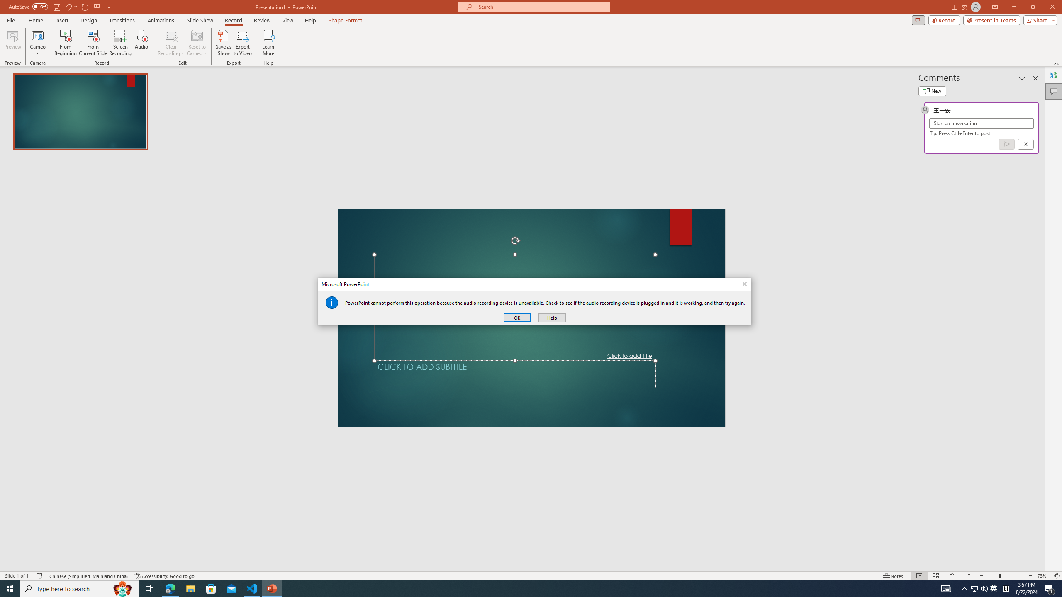 The width and height of the screenshot is (1062, 597). What do you see at coordinates (39, 576) in the screenshot?
I see `'Spell Check No Errors'` at bounding box center [39, 576].